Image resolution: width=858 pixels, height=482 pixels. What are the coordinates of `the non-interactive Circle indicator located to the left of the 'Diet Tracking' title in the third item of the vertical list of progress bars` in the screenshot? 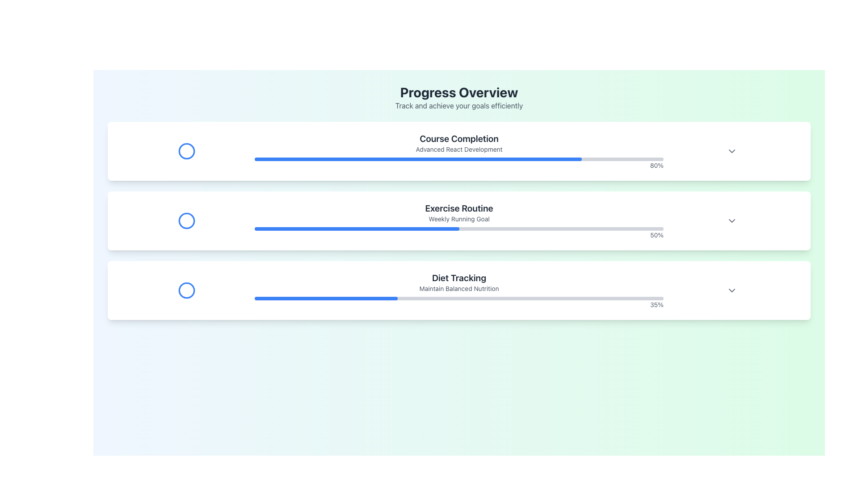 It's located at (186, 291).